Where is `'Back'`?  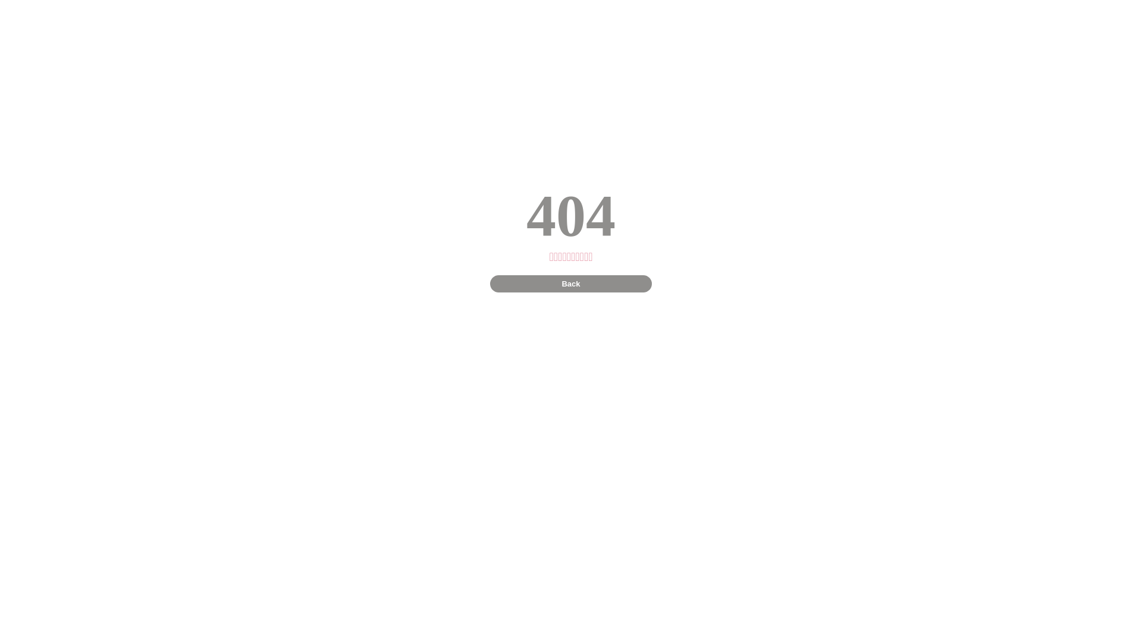 'Back' is located at coordinates (570, 284).